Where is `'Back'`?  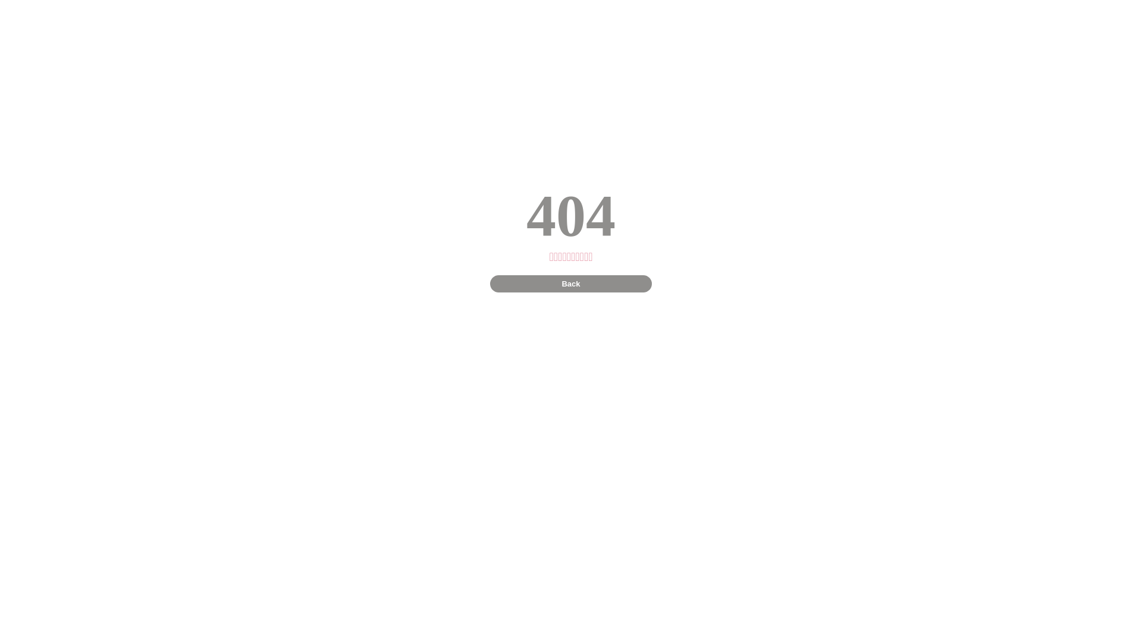 'Back' is located at coordinates (570, 284).